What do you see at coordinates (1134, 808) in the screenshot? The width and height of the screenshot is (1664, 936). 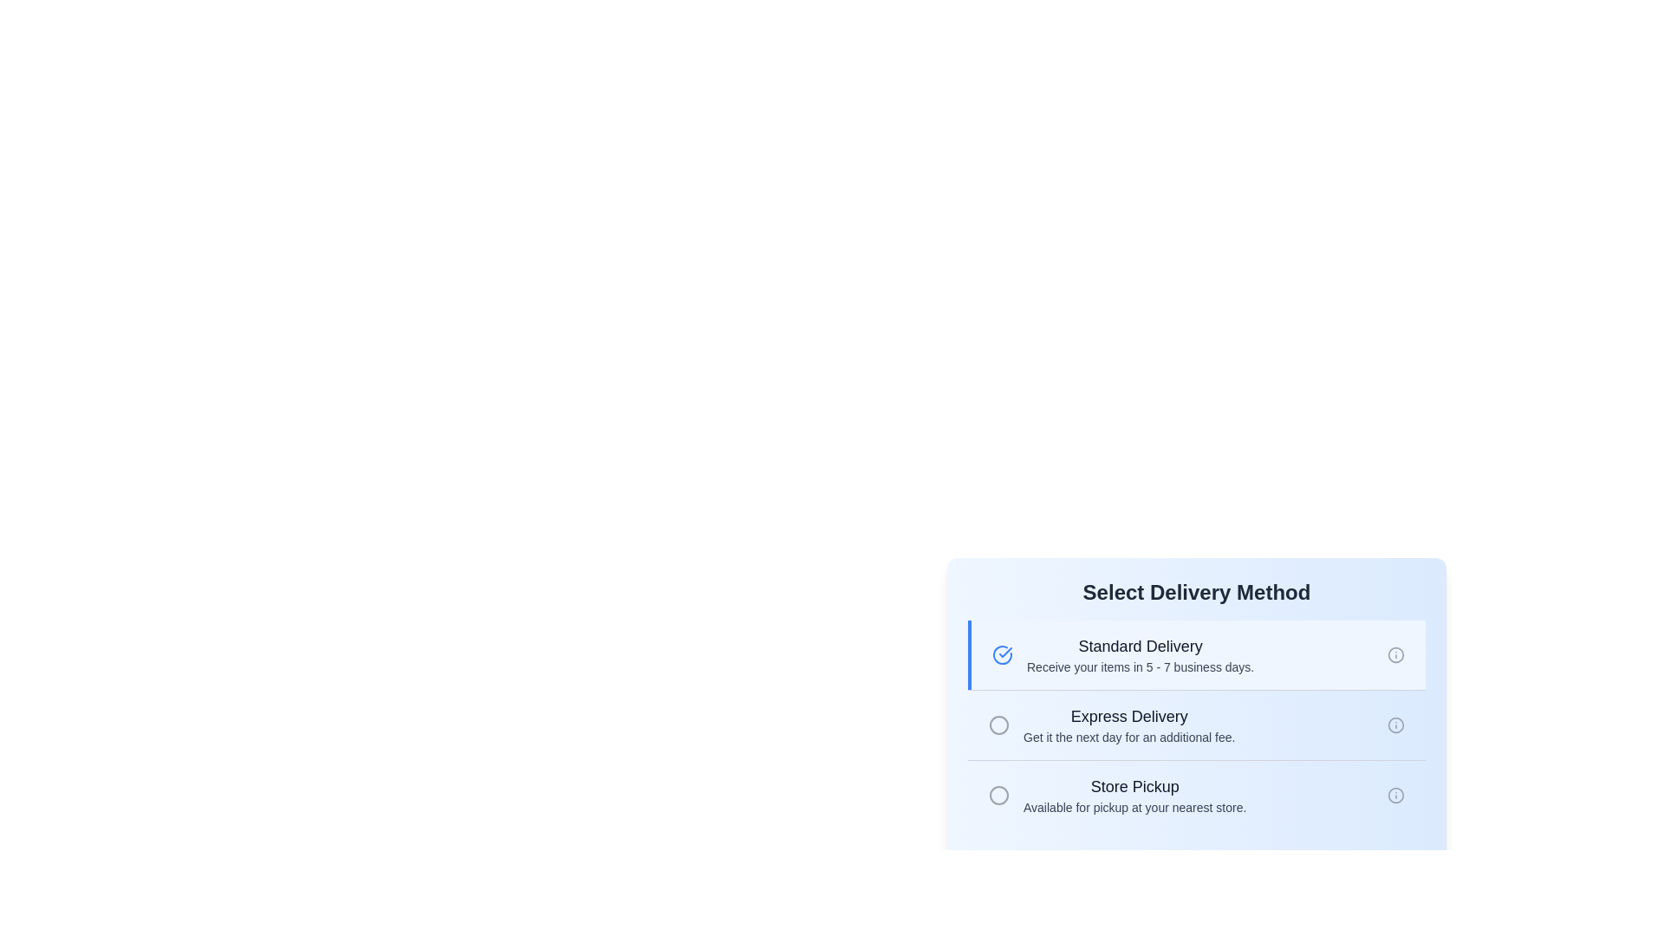 I see `the text label reading 'Available for pickup at your nearest store.' which is styled in gray and positioned below the 'Store Pickup' option` at bounding box center [1134, 808].